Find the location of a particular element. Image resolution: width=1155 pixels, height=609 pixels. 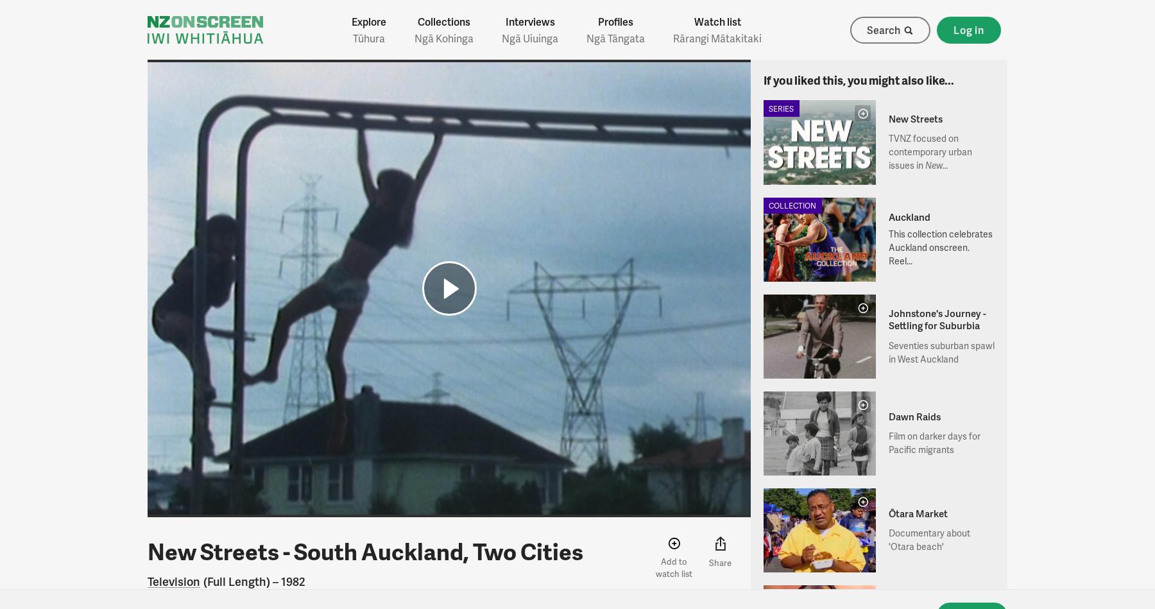

'https://www.nzonscreen.com/embed/41f5e7a7df401c0c' is located at coordinates (577, 507).